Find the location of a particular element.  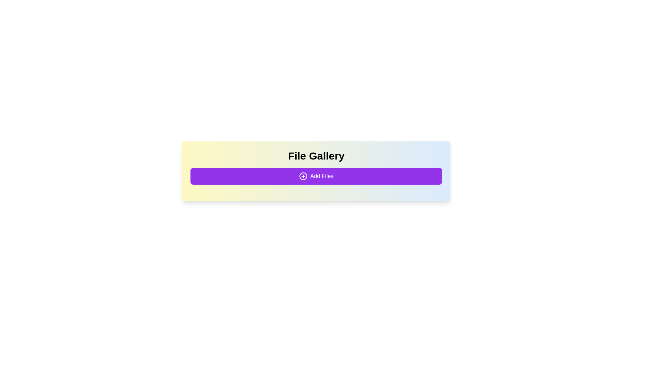

the button for adding files to the file gallery, located below the 'File Gallery' heading is located at coordinates (316, 176).